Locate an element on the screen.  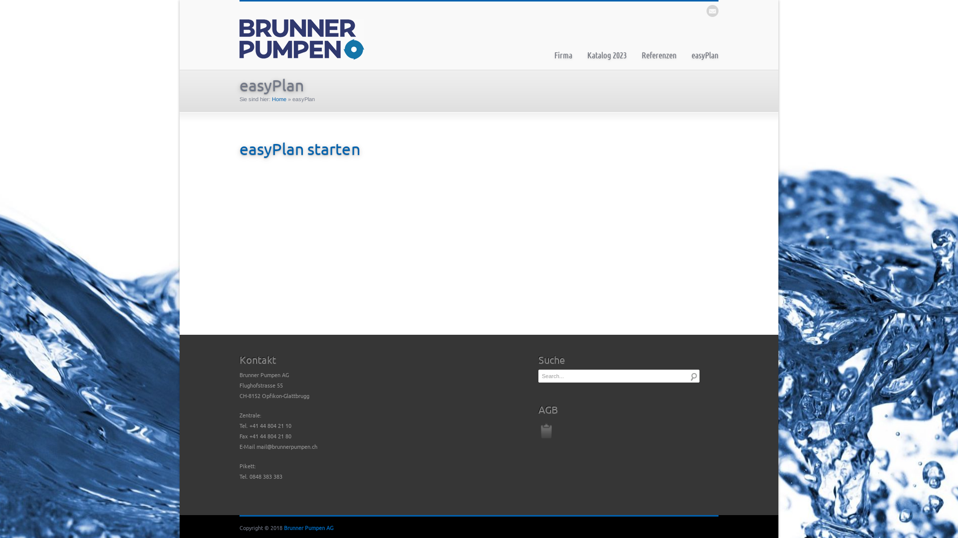
'Brunner Pumpen AG' is located at coordinates (308, 527).